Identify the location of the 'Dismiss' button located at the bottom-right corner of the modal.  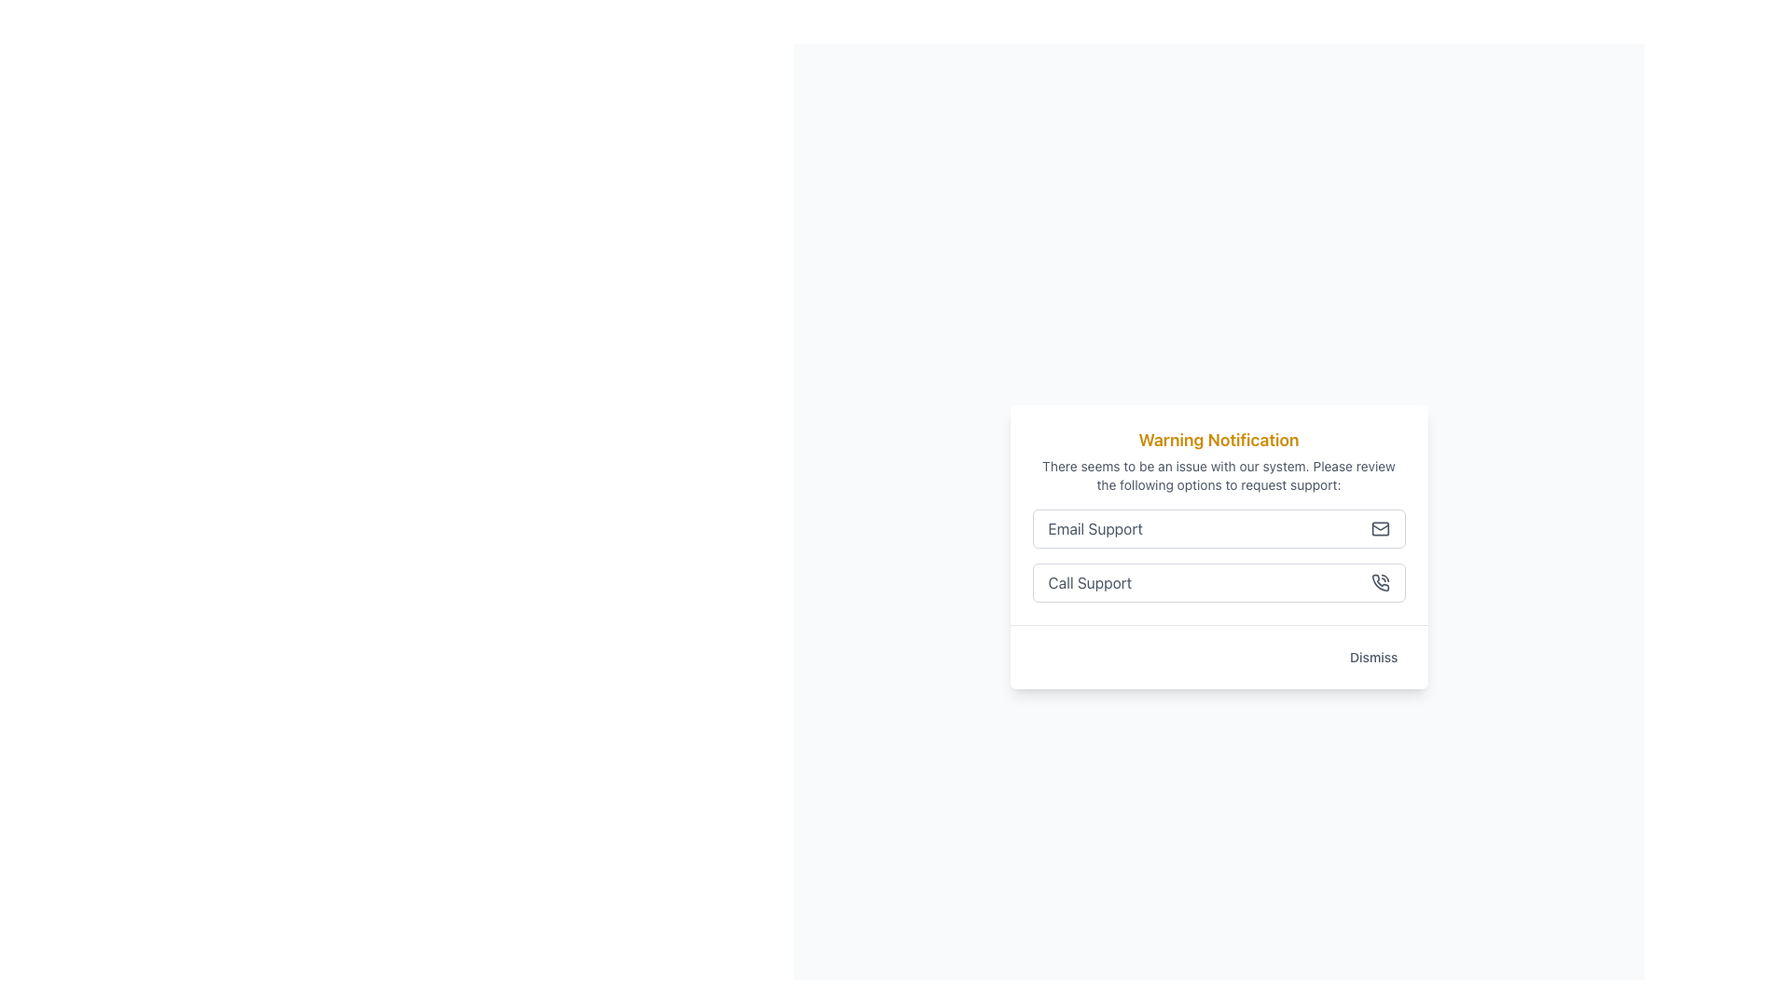
(1373, 656).